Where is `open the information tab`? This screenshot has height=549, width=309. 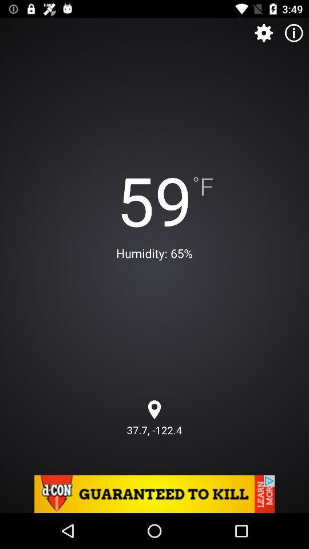 open the information tab is located at coordinates (294, 32).